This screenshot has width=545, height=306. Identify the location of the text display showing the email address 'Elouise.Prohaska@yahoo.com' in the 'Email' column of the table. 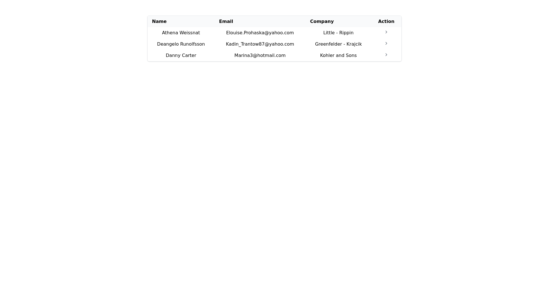
(260, 33).